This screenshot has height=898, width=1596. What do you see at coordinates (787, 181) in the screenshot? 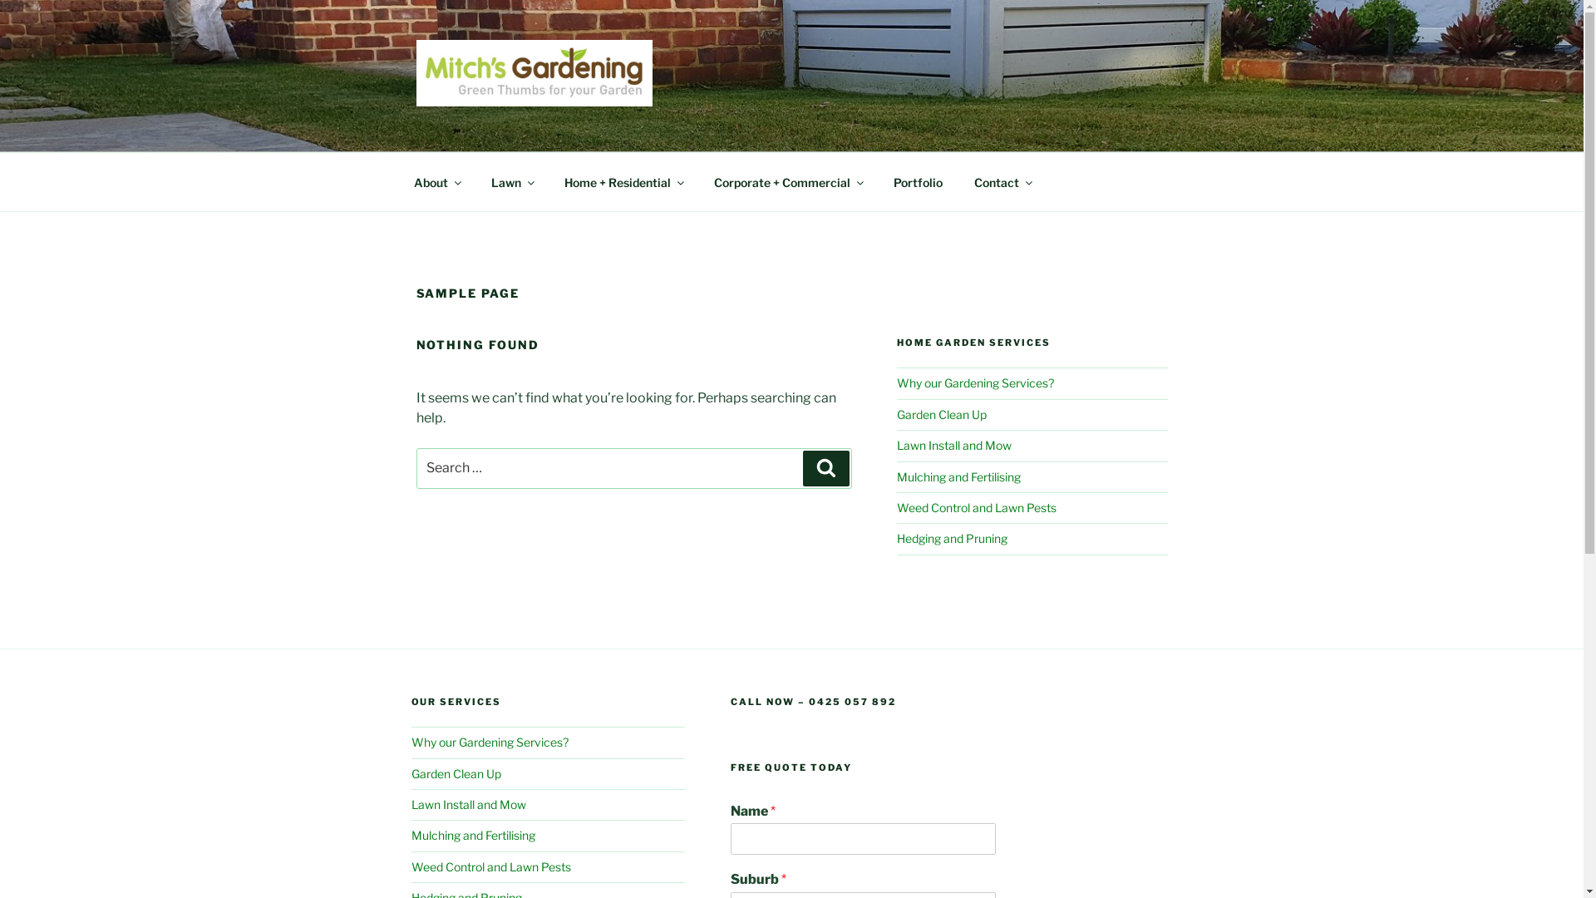
I see `'Corporate + Commercial'` at bounding box center [787, 181].